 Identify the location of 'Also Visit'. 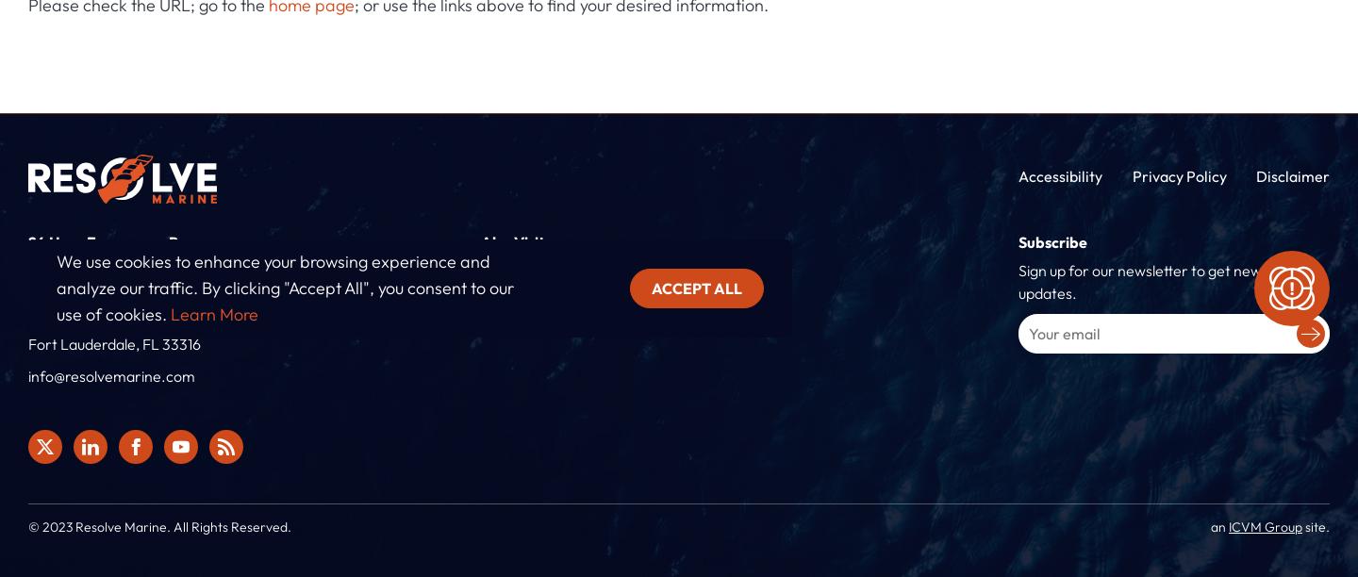
(512, 240).